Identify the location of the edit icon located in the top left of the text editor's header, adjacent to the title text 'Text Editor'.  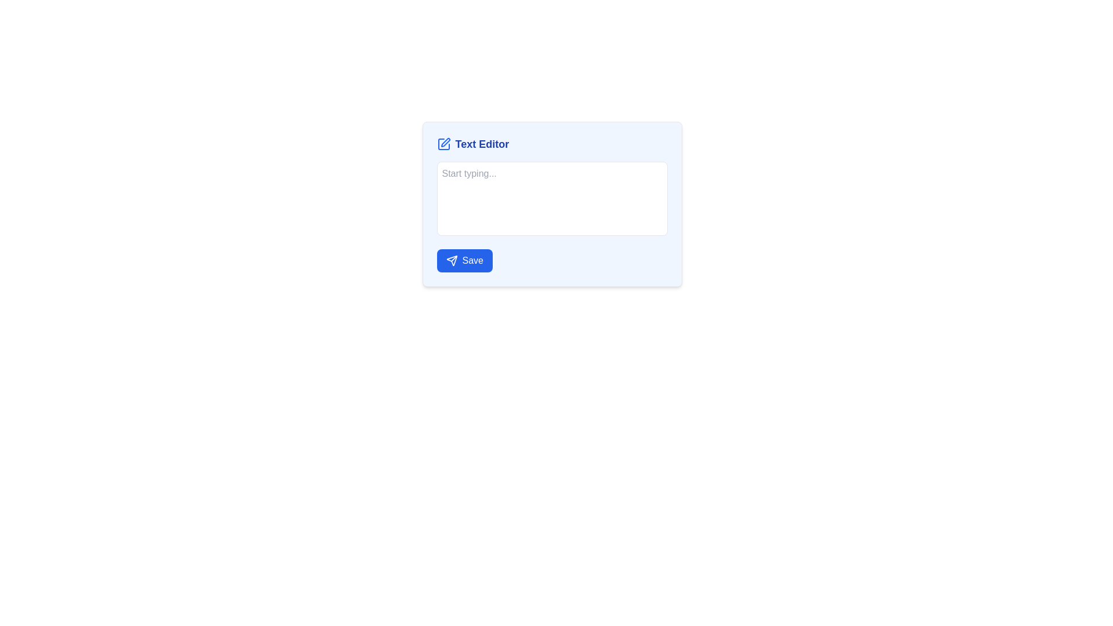
(445, 142).